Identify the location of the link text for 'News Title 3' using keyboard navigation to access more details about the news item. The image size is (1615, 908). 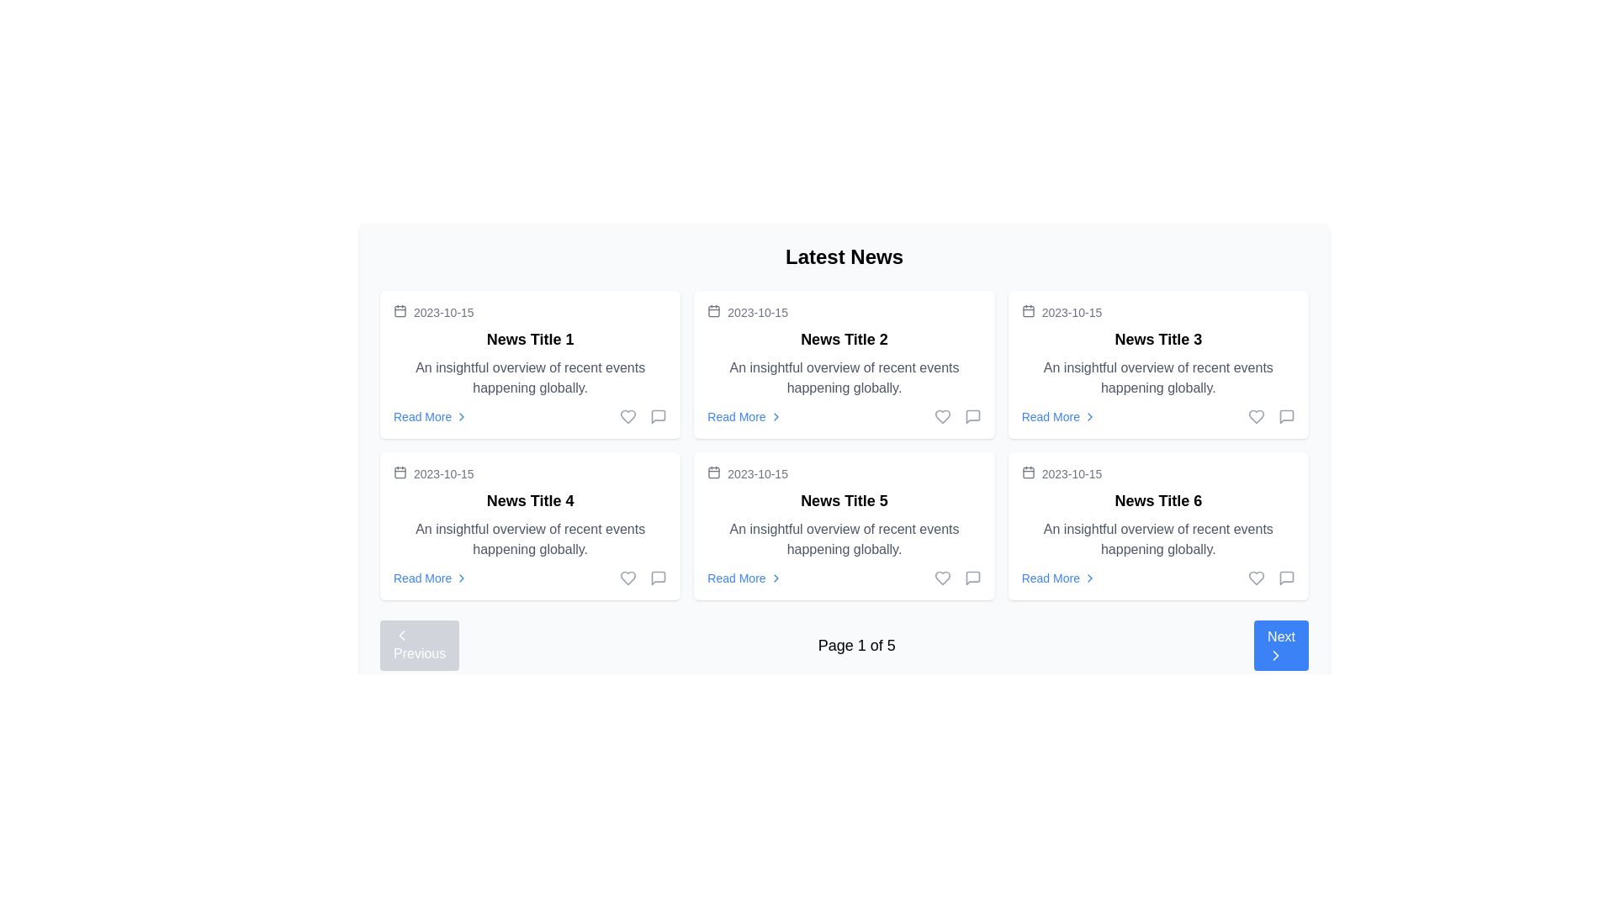
(1050, 416).